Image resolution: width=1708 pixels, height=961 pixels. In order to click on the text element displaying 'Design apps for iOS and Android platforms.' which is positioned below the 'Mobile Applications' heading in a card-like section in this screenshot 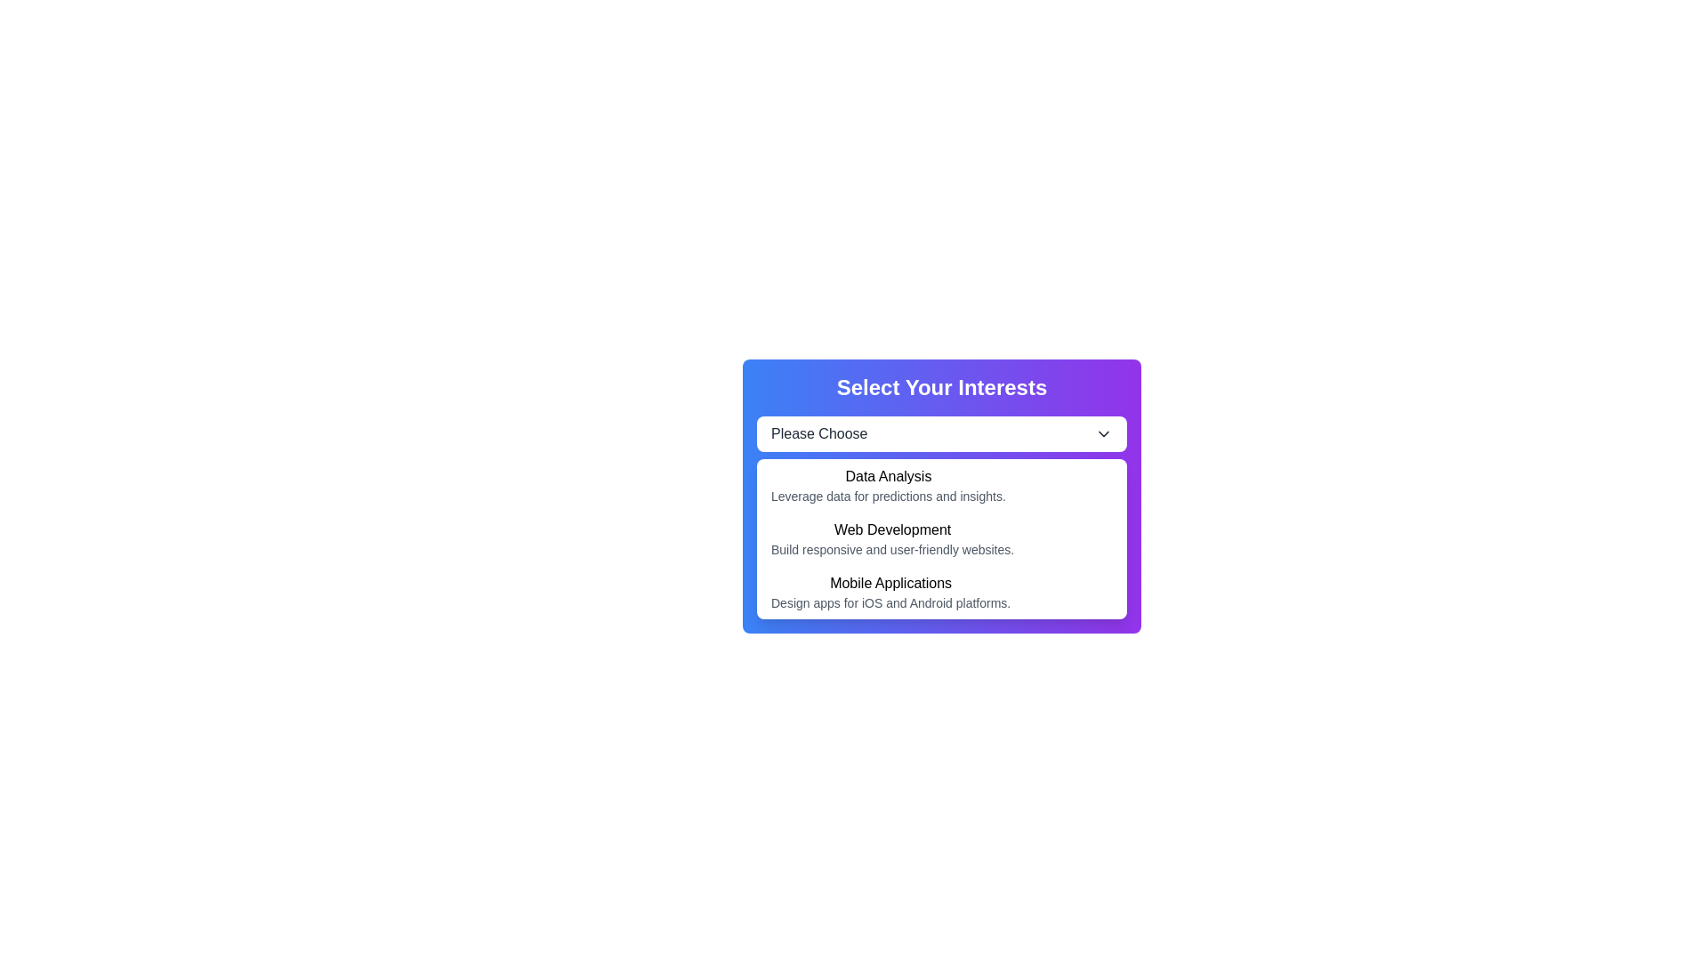, I will do `click(890, 602)`.